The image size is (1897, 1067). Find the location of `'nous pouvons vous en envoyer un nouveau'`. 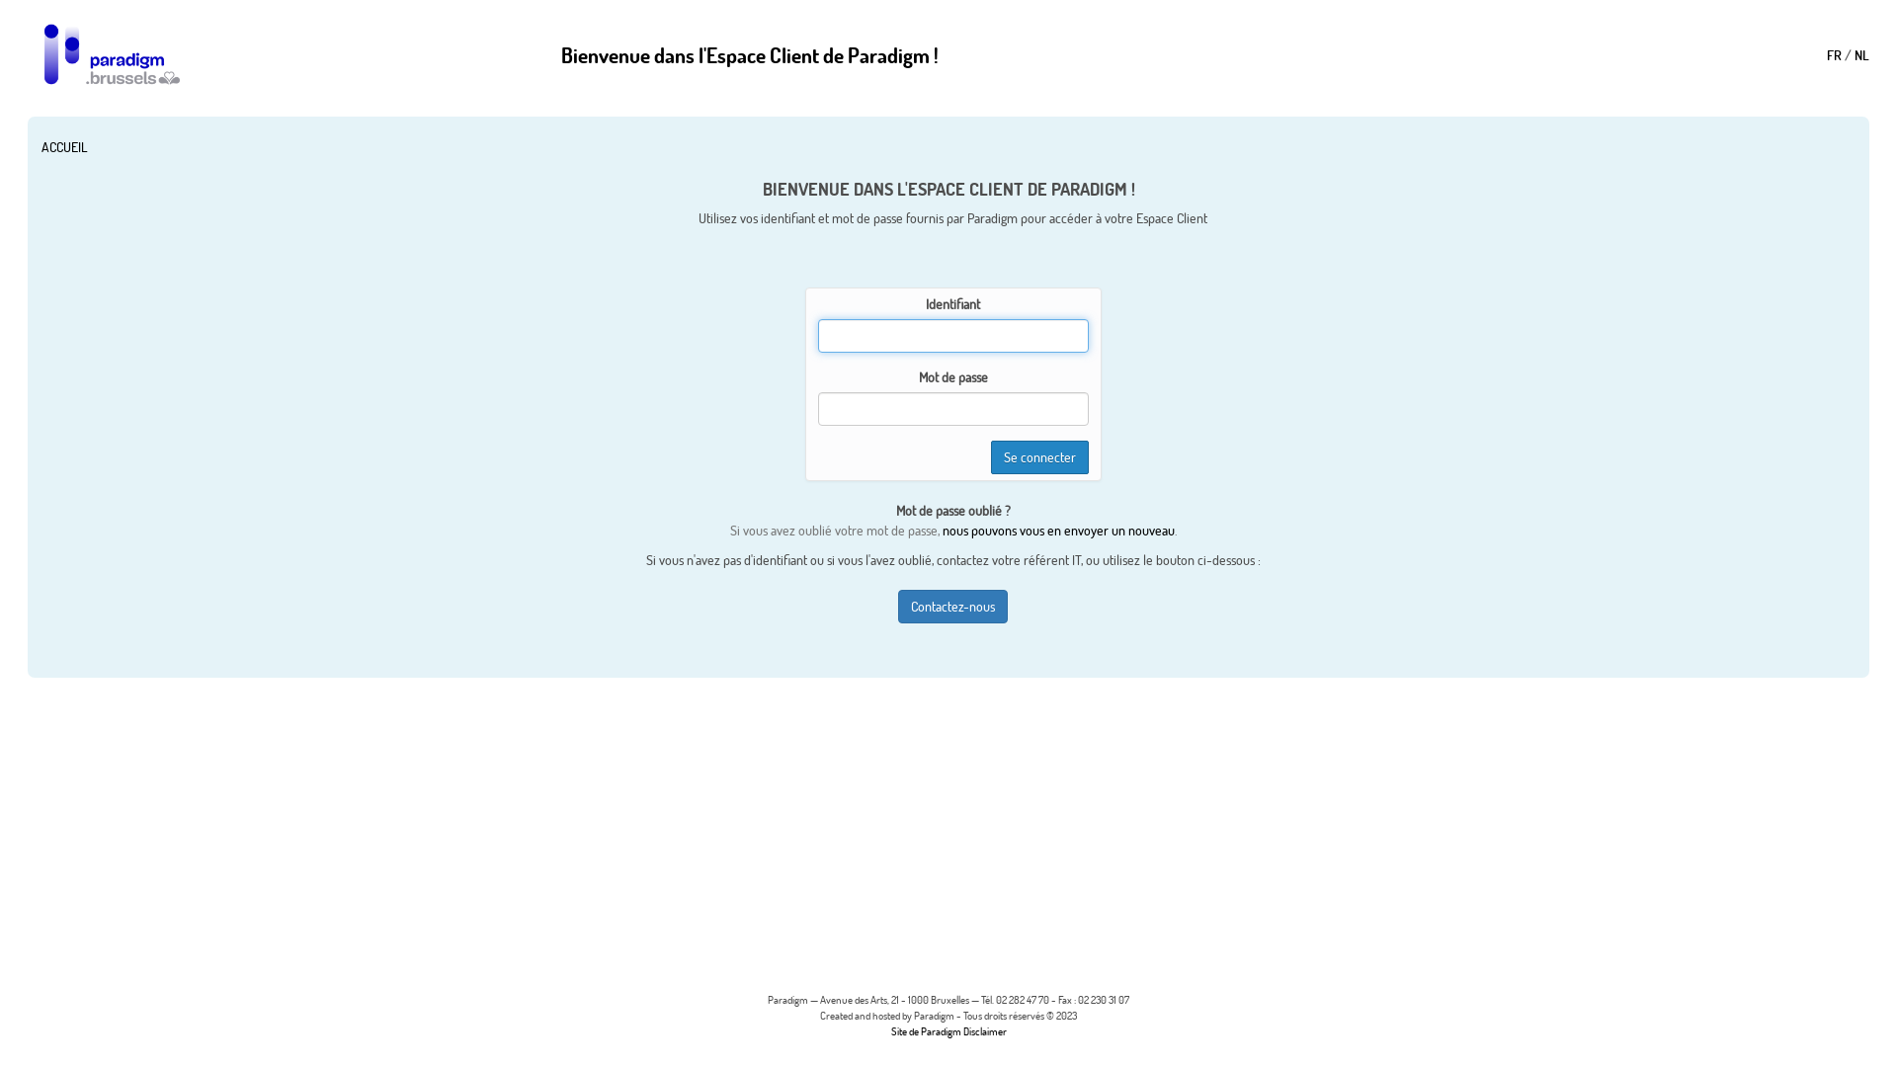

'nous pouvons vous en envoyer un nouveau' is located at coordinates (942, 529).